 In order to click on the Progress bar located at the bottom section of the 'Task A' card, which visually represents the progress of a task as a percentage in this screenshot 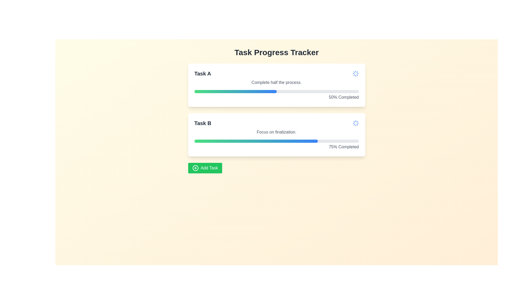, I will do `click(276, 91)`.